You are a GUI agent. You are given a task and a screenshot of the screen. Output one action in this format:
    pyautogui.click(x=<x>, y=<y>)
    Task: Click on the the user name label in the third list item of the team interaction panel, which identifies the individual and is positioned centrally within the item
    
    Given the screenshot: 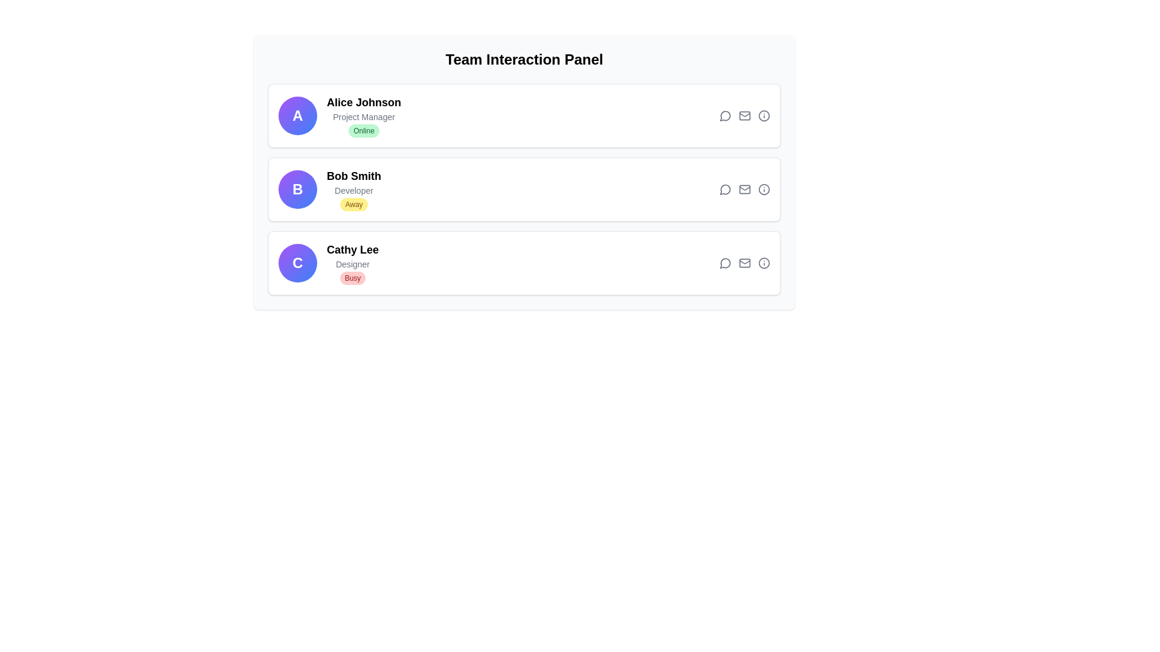 What is the action you would take?
    pyautogui.click(x=352, y=249)
    